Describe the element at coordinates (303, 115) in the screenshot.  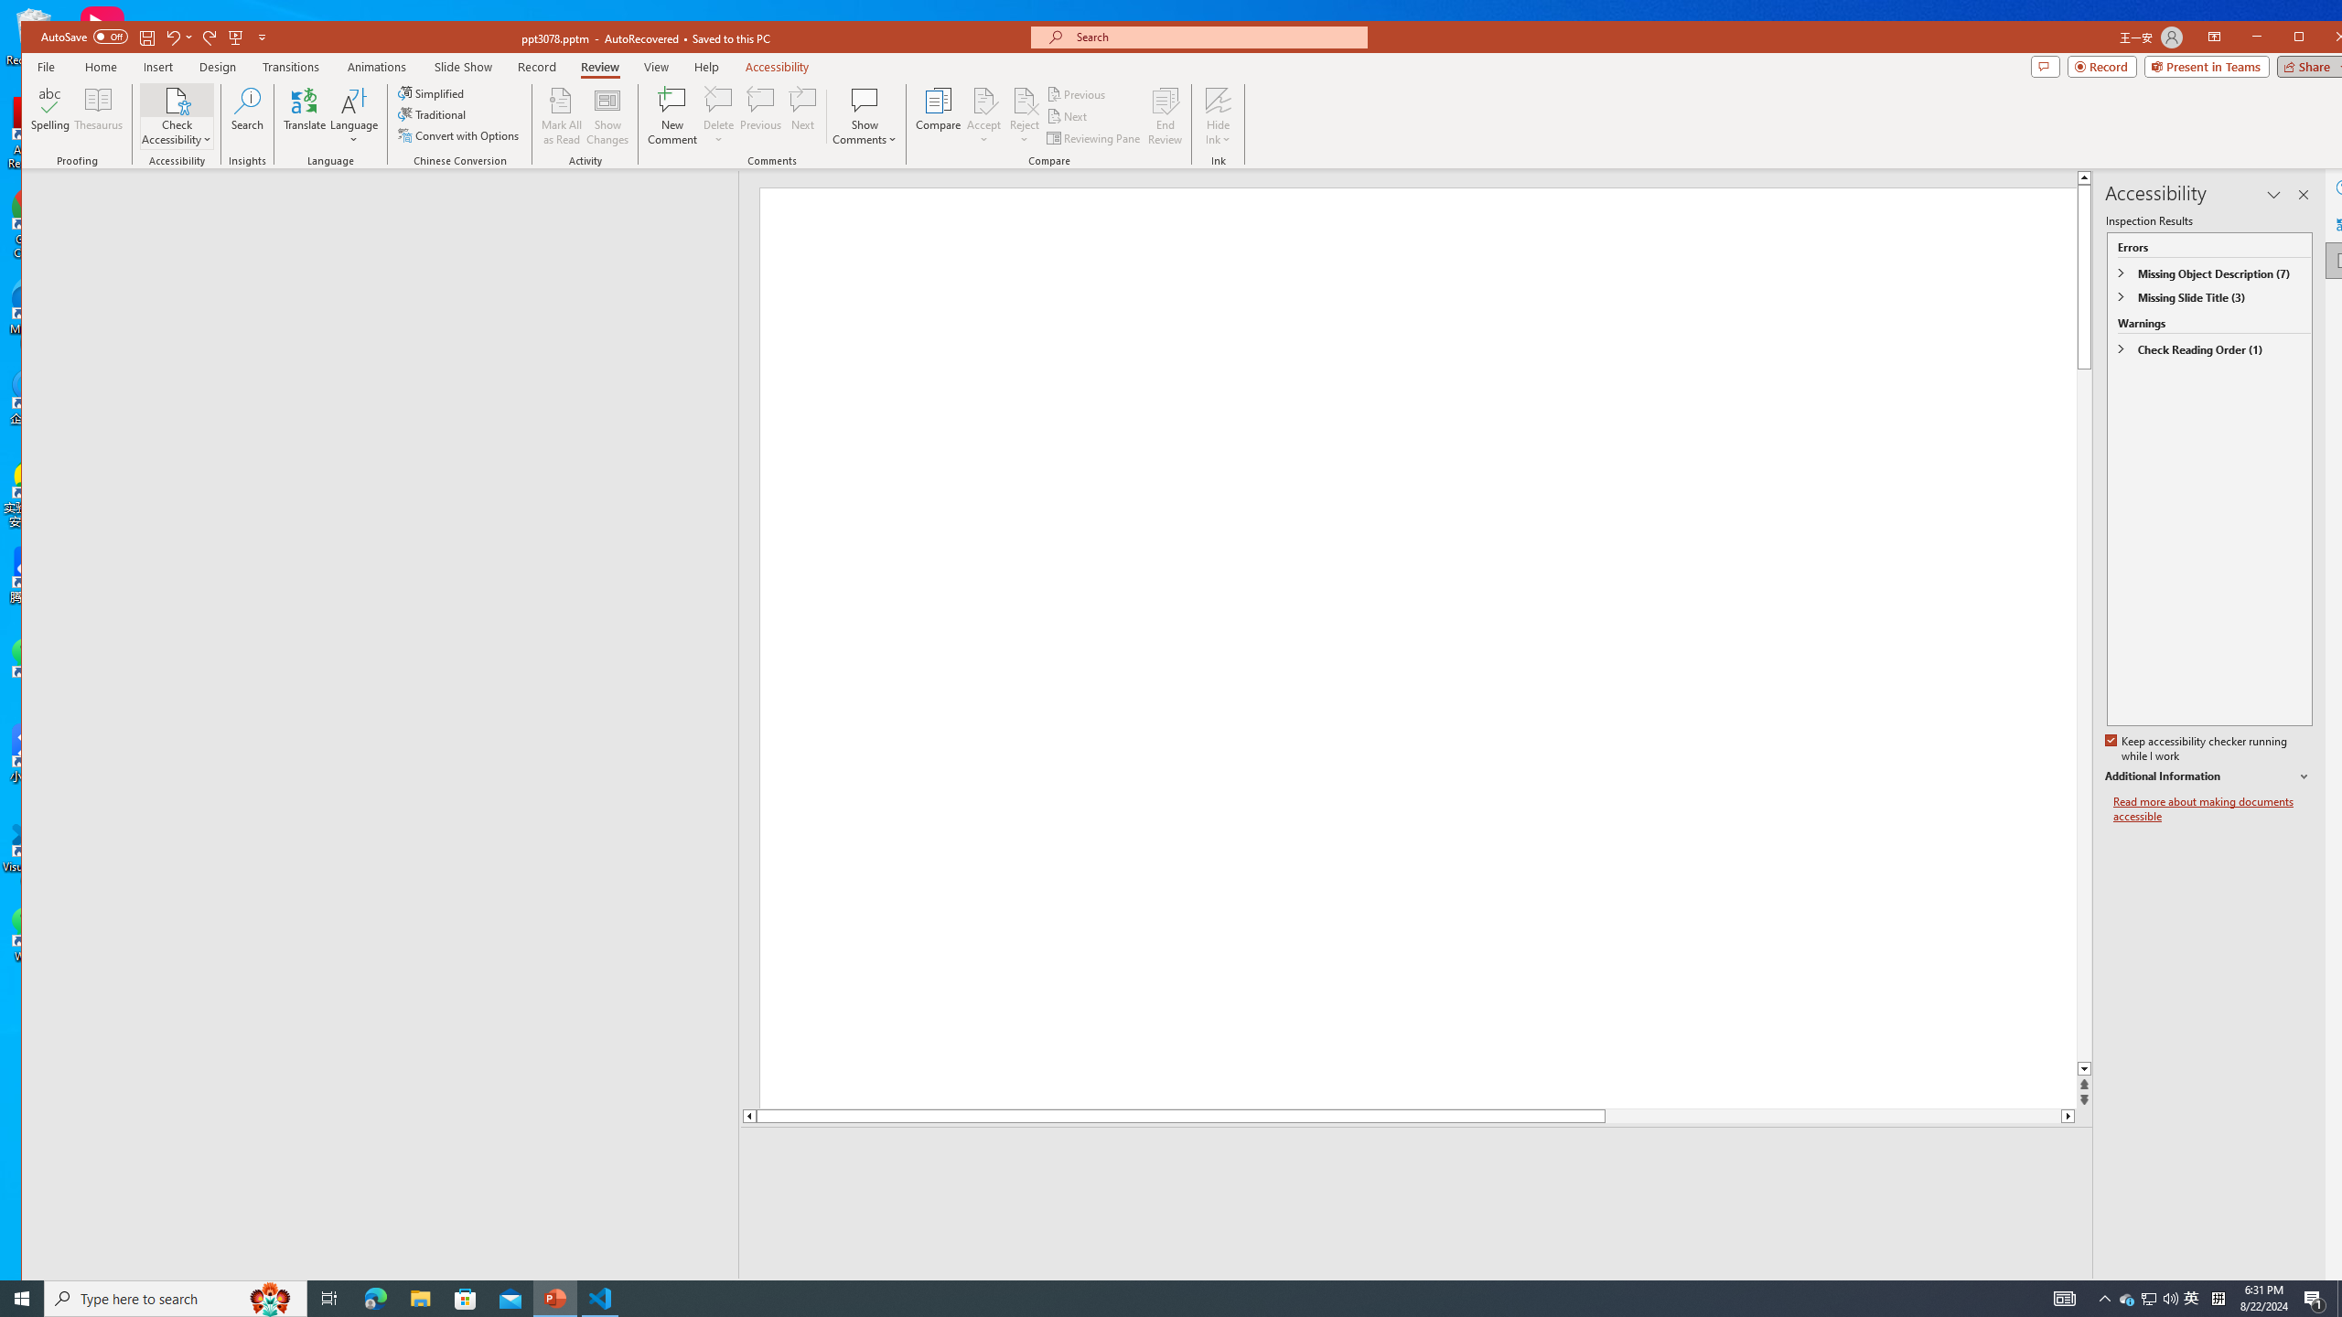
I see `'Translate'` at that location.